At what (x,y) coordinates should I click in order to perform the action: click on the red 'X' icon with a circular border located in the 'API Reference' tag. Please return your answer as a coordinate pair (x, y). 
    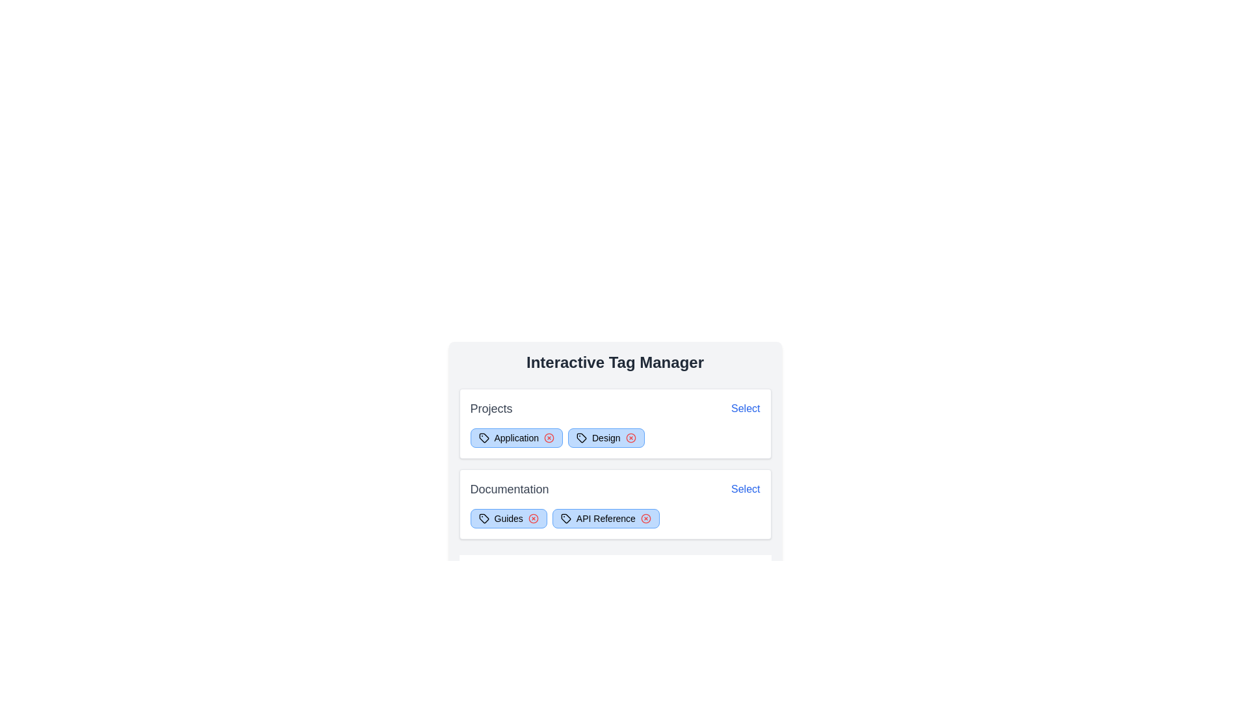
    Looking at the image, I should click on (645, 518).